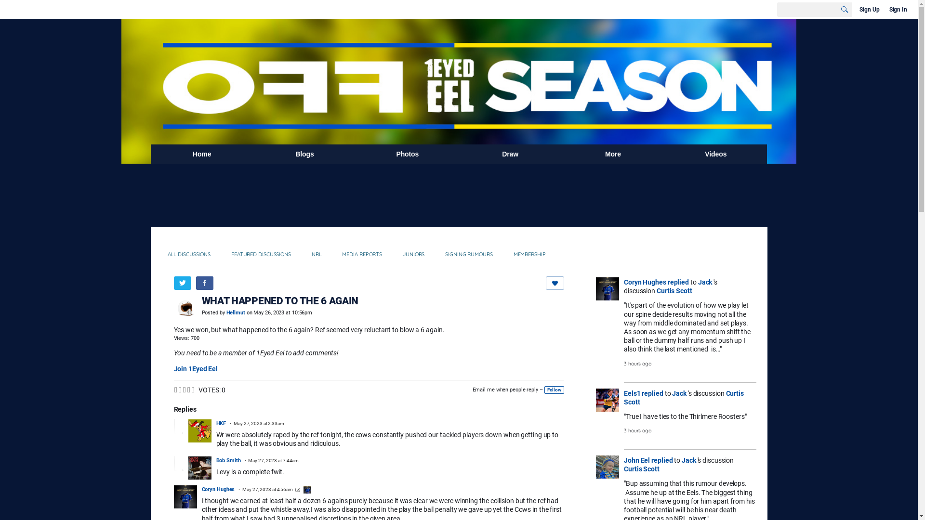 The height and width of the screenshot is (520, 925). What do you see at coordinates (562, 154) in the screenshot?
I see `'More'` at bounding box center [562, 154].